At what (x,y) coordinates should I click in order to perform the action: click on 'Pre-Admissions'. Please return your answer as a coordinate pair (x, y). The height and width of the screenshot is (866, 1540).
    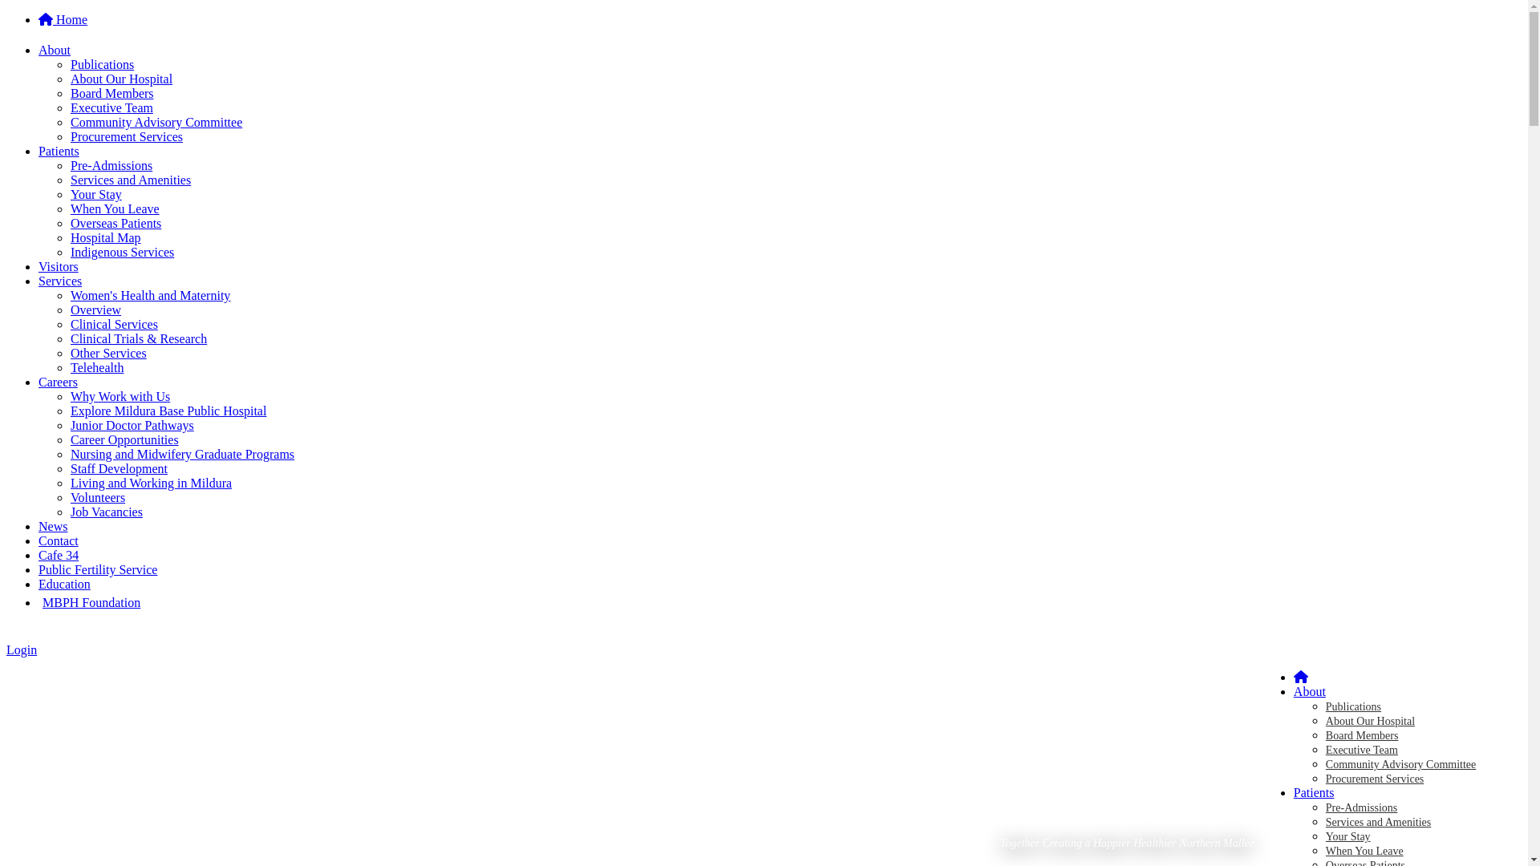
    Looking at the image, I should click on (69, 165).